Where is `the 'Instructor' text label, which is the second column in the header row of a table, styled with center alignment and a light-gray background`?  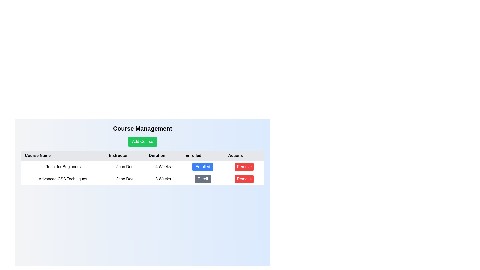
the 'Instructor' text label, which is the second column in the header row of a table, styled with center alignment and a light-gray background is located at coordinates (125, 155).